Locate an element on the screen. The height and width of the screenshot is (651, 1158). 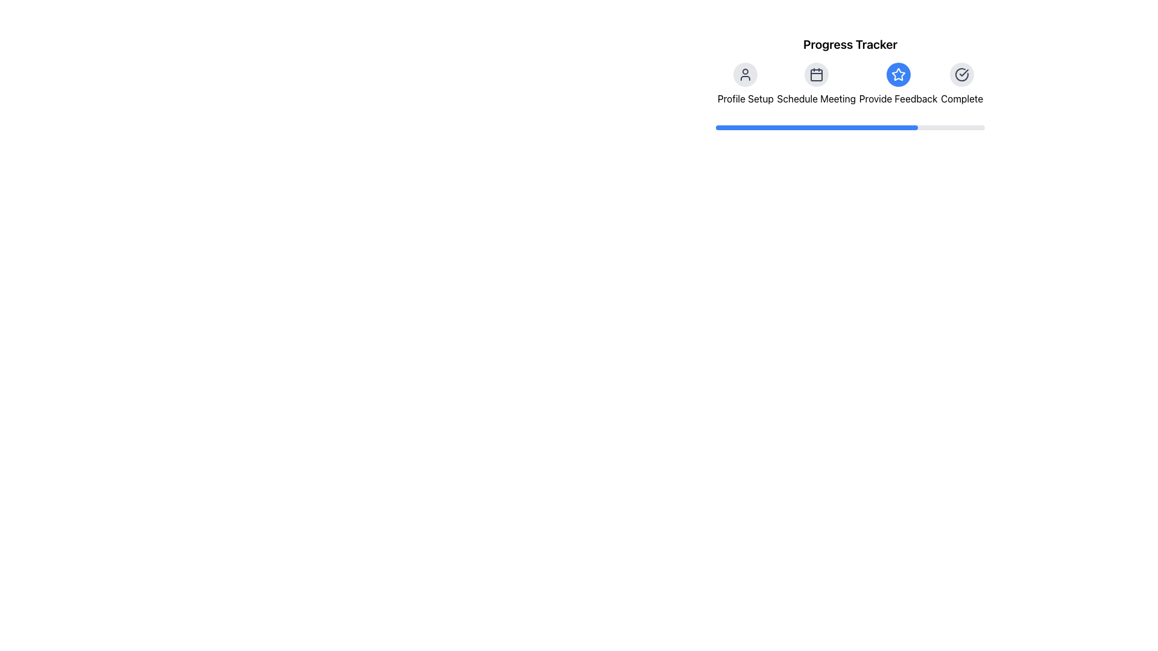
the circular button with a checkmark icon located in the 'Complete' section of the progress tracker is located at coordinates (961, 74).